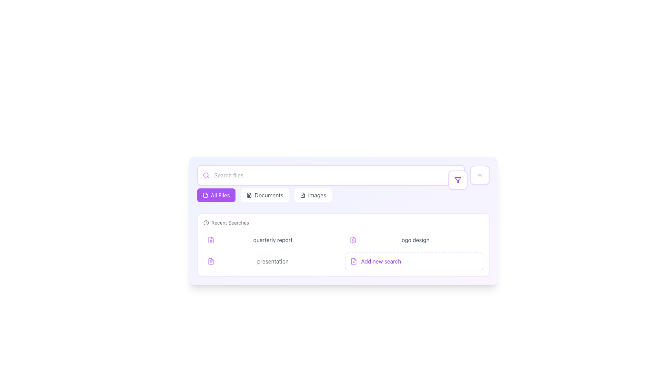 This screenshot has width=662, height=372. What do you see at coordinates (458, 180) in the screenshot?
I see `the filter icon located in the upper-right corner of the search bar` at bounding box center [458, 180].